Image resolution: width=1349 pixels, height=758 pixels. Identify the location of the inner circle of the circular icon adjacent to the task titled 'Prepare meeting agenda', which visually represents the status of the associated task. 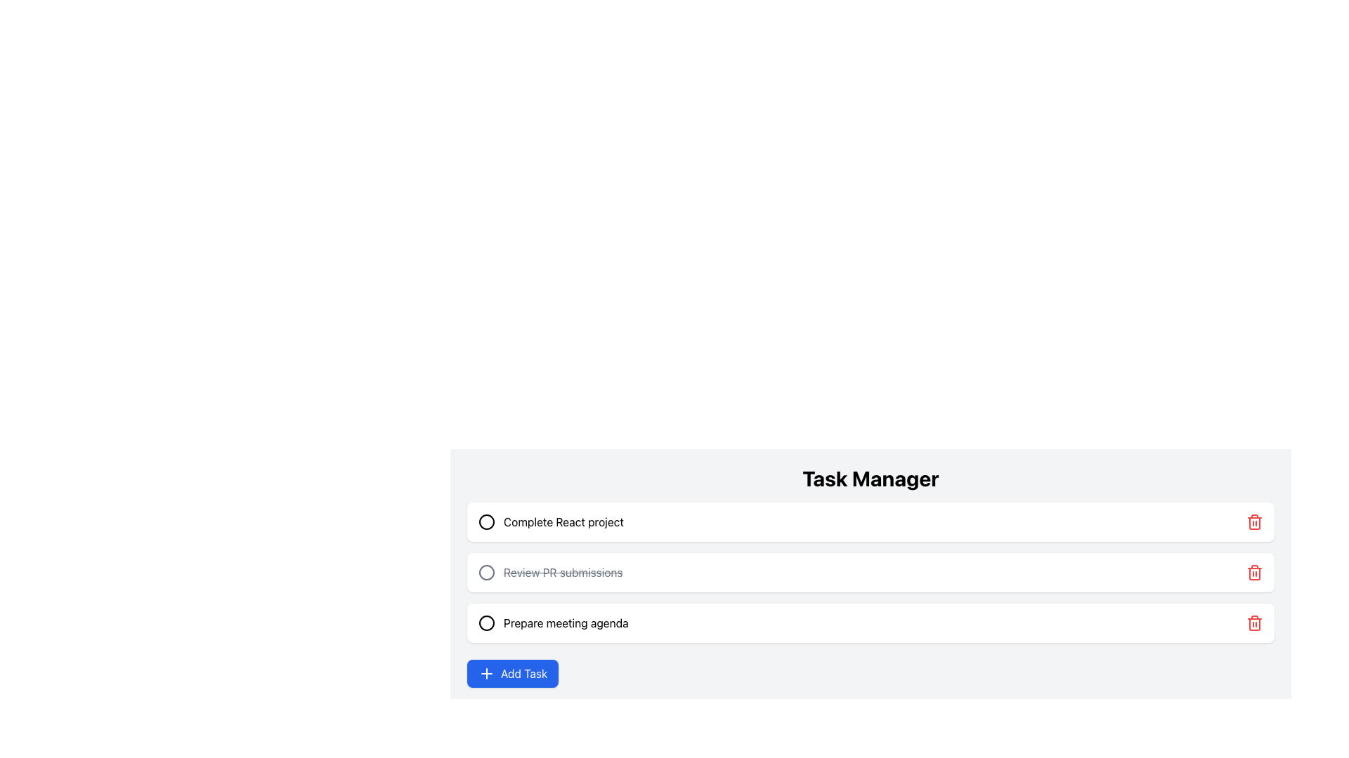
(486, 622).